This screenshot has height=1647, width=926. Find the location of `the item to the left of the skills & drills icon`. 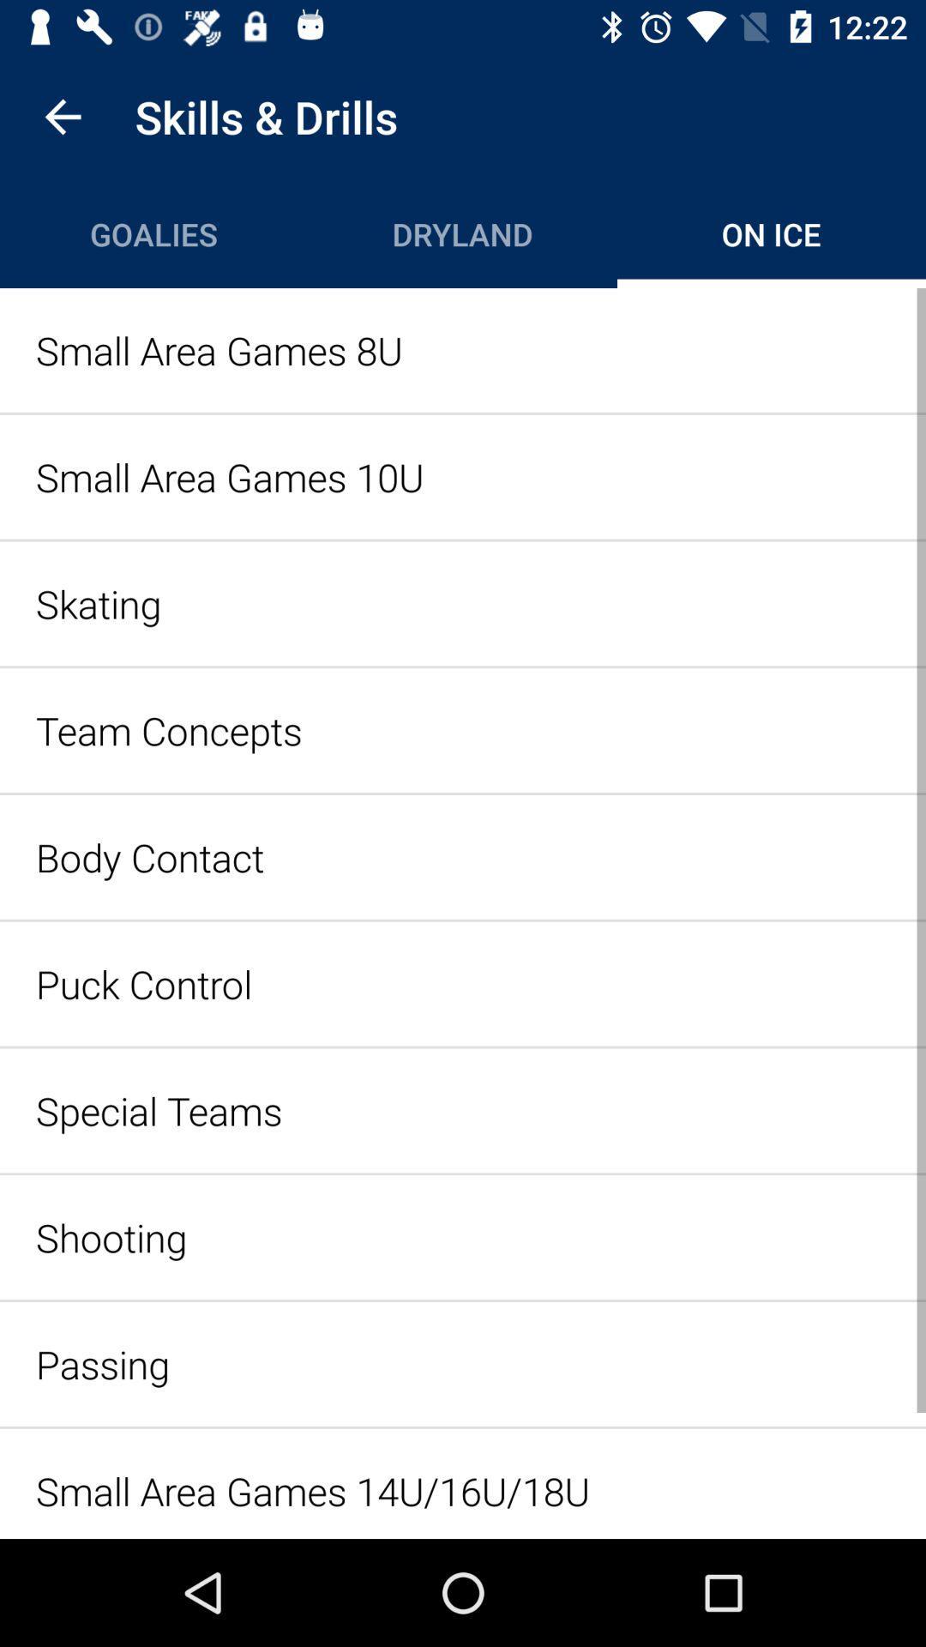

the item to the left of the skills & drills icon is located at coordinates (62, 116).